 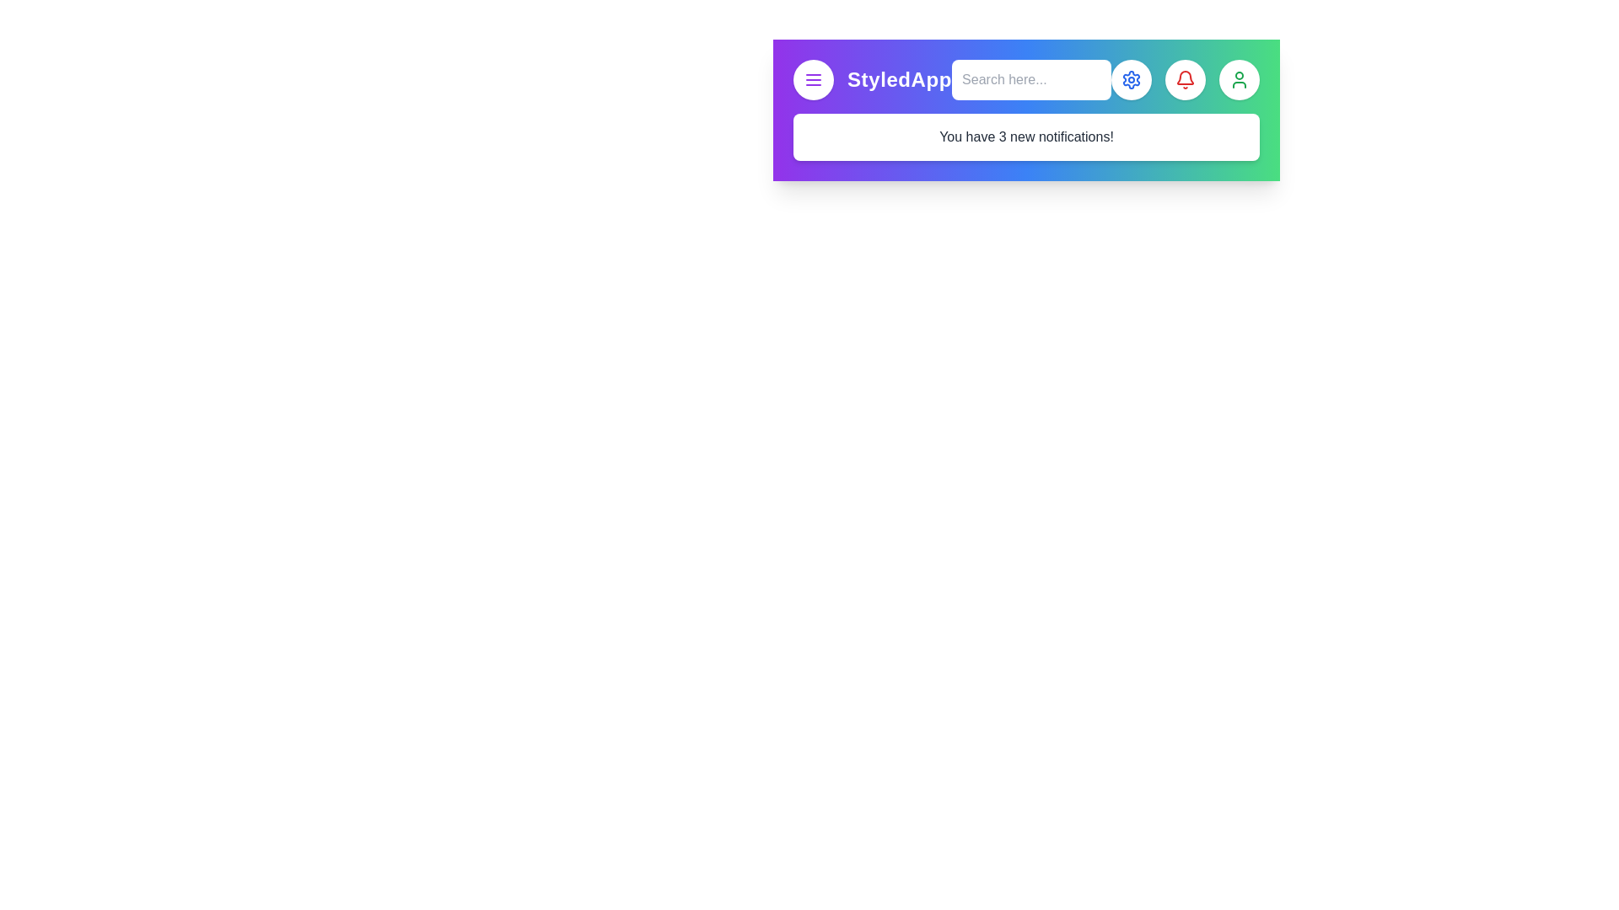 What do you see at coordinates (1030, 80) in the screenshot?
I see `the search field and enter the text 'example'` at bounding box center [1030, 80].